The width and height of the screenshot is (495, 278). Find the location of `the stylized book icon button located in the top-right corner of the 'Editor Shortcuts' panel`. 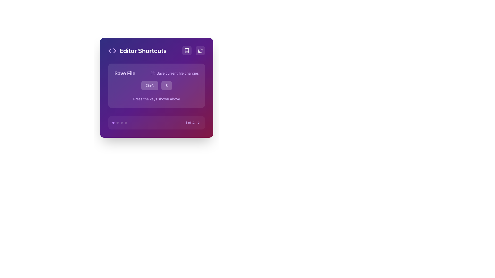

the stylized book icon button located in the top-right corner of the 'Editor Shortcuts' panel is located at coordinates (186, 50).